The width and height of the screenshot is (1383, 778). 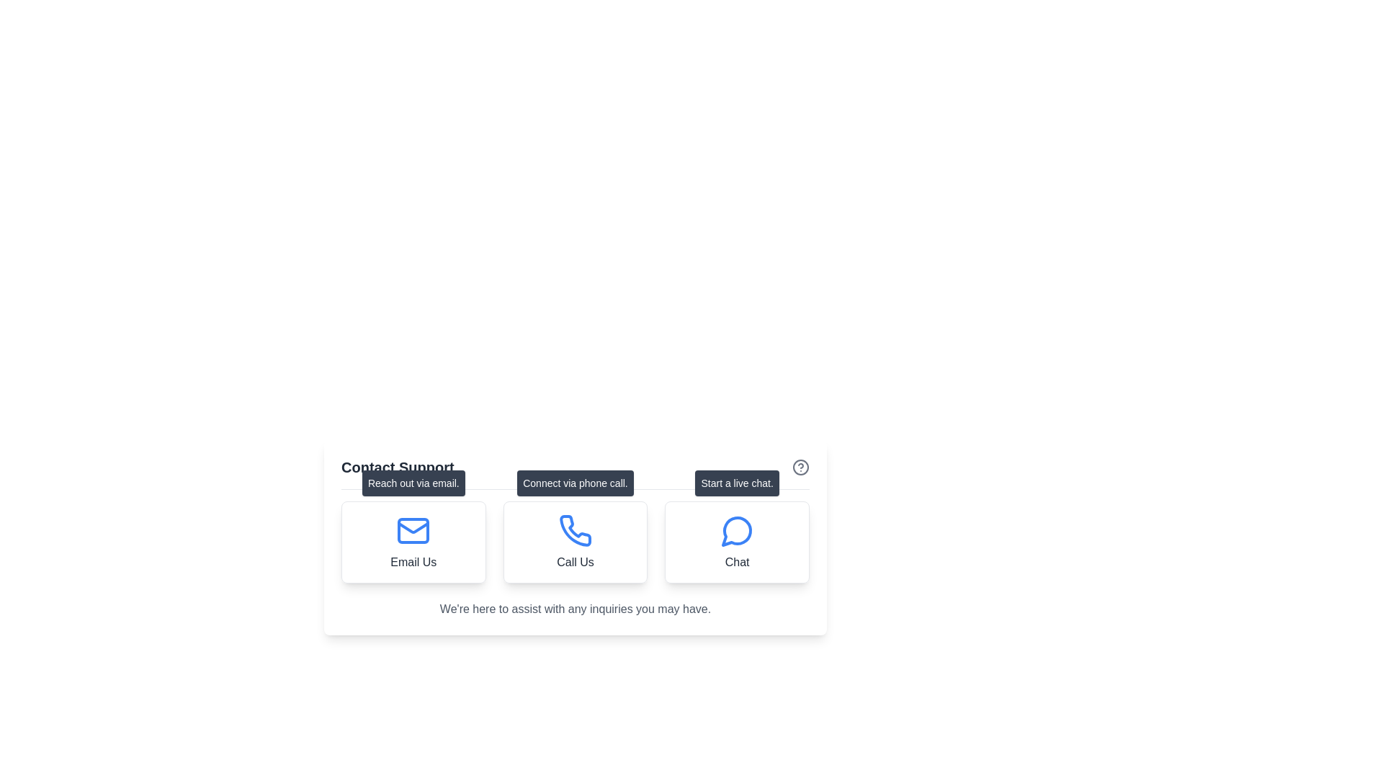 I want to click on the 'Email Us' button, which is a rectangular section with a white background and a blue envelope icon above bold text, located to the left of 'Call Us' and 'Chat', so click(x=413, y=542).